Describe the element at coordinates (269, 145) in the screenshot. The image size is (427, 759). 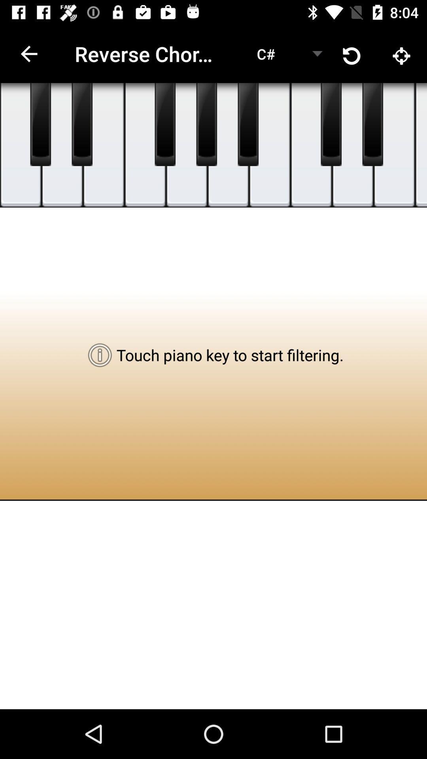
I see `the icon below c# icon` at that location.